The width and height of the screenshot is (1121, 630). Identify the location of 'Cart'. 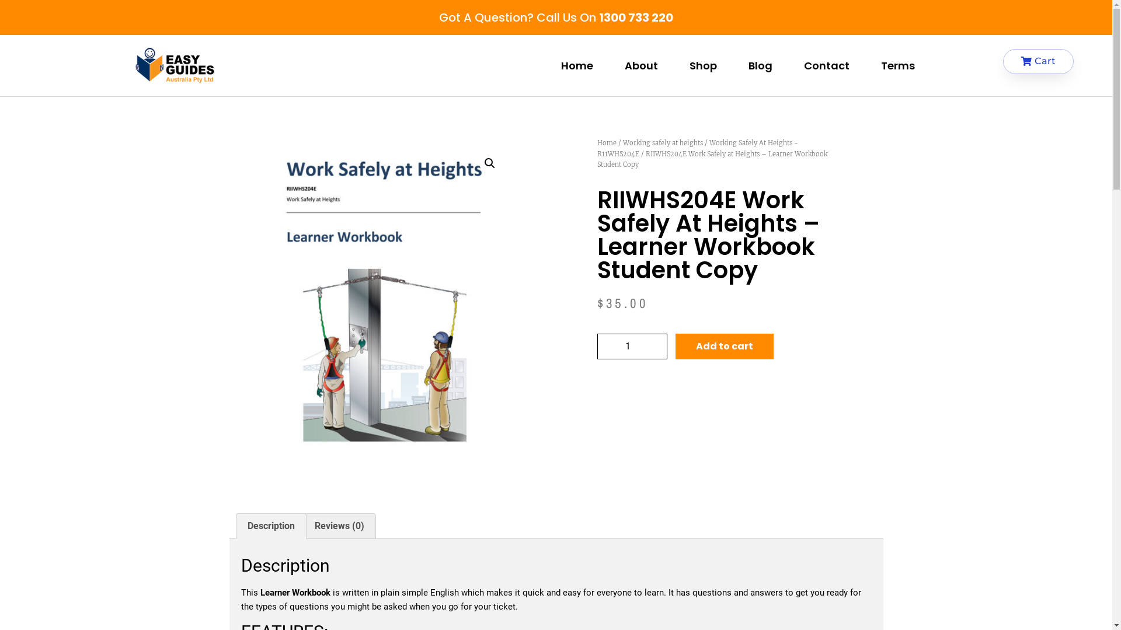
(1038, 61).